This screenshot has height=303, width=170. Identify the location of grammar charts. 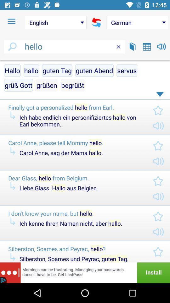
(147, 46).